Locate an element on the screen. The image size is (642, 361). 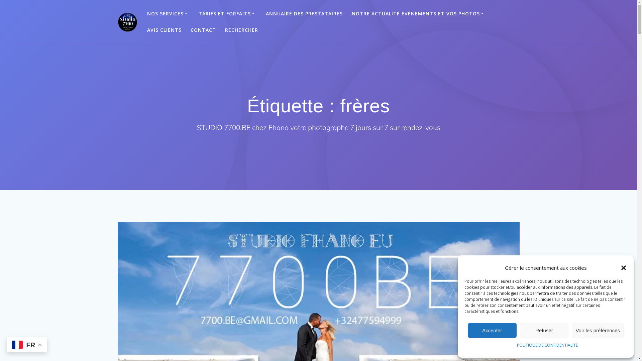
'CONTACT' is located at coordinates (203, 29).